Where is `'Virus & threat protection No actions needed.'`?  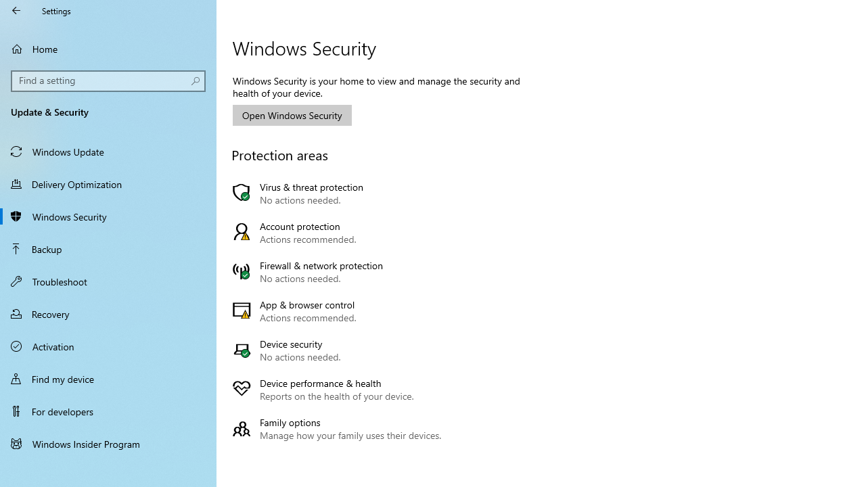
'Virus & threat protection No actions needed.' is located at coordinates (340, 193).